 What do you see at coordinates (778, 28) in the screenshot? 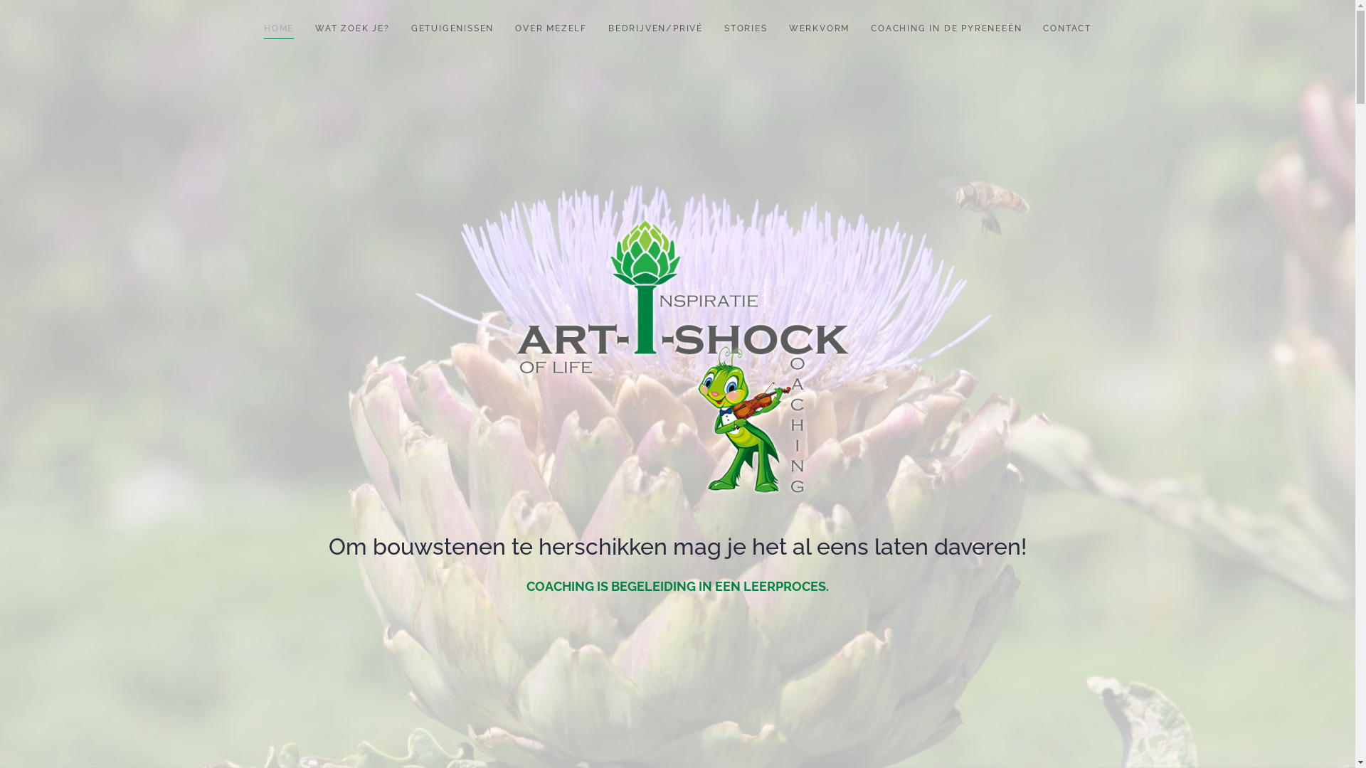
I see `'WERKVORM'` at bounding box center [778, 28].